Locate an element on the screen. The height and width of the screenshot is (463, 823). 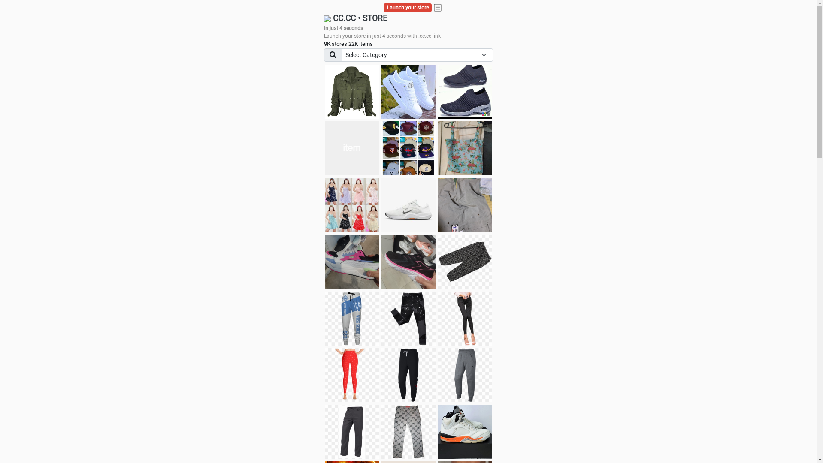
'Pant' is located at coordinates (381, 319).